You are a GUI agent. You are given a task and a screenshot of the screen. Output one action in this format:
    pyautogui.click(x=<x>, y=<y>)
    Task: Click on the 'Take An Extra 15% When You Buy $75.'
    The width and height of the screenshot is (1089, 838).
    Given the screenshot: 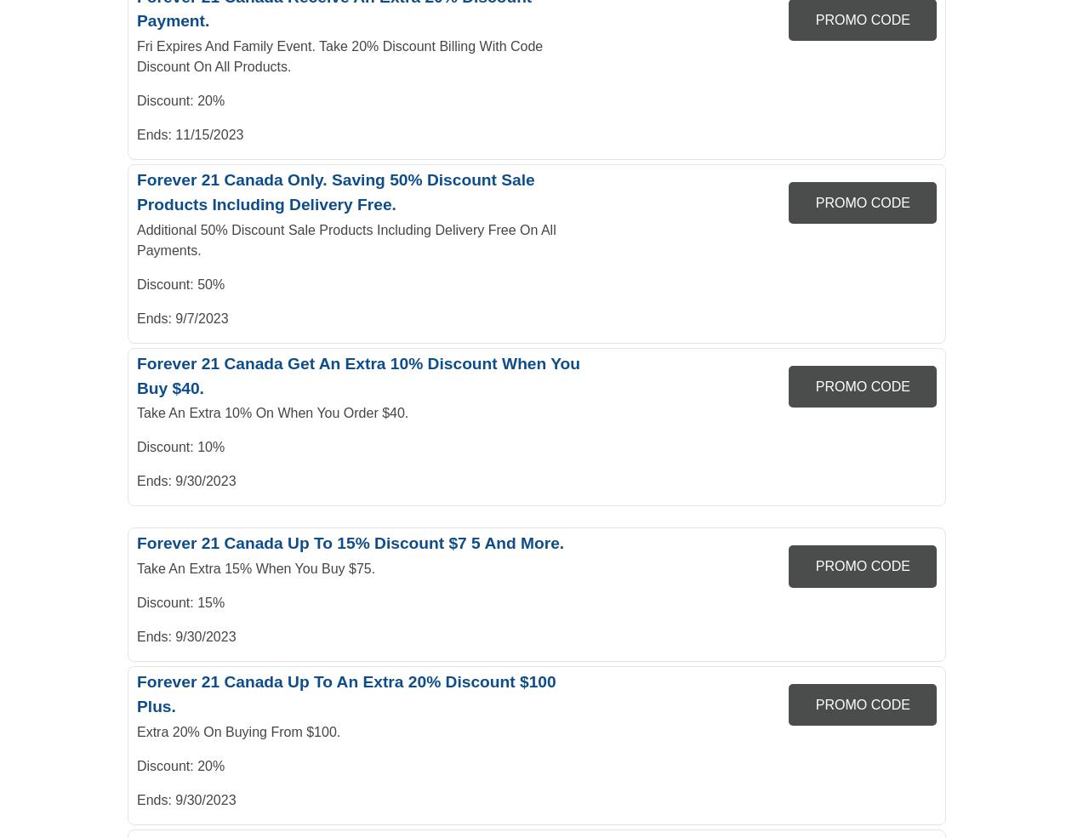 What is the action you would take?
    pyautogui.click(x=255, y=567)
    